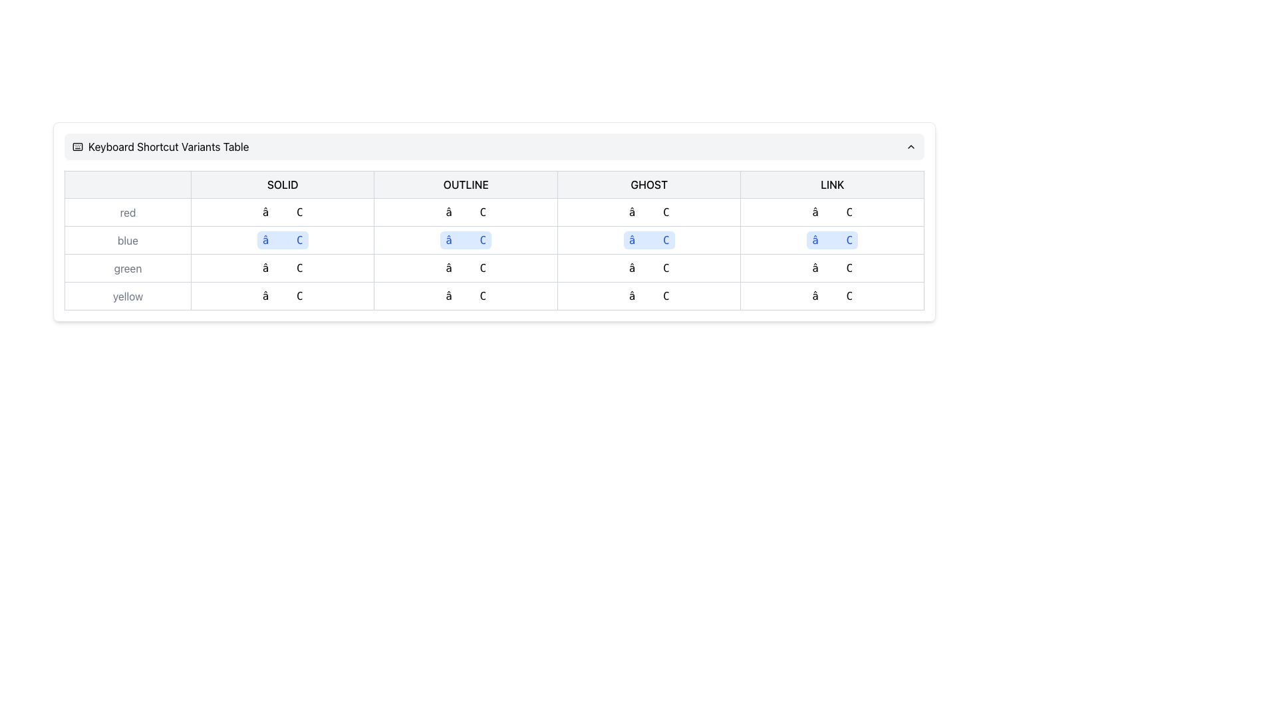 This screenshot has width=1277, height=718. What do you see at coordinates (910, 146) in the screenshot?
I see `the upward-pointing chevron icon located at the upper-right corner of the 'Keyboard Shortcut Variants Table'` at bounding box center [910, 146].